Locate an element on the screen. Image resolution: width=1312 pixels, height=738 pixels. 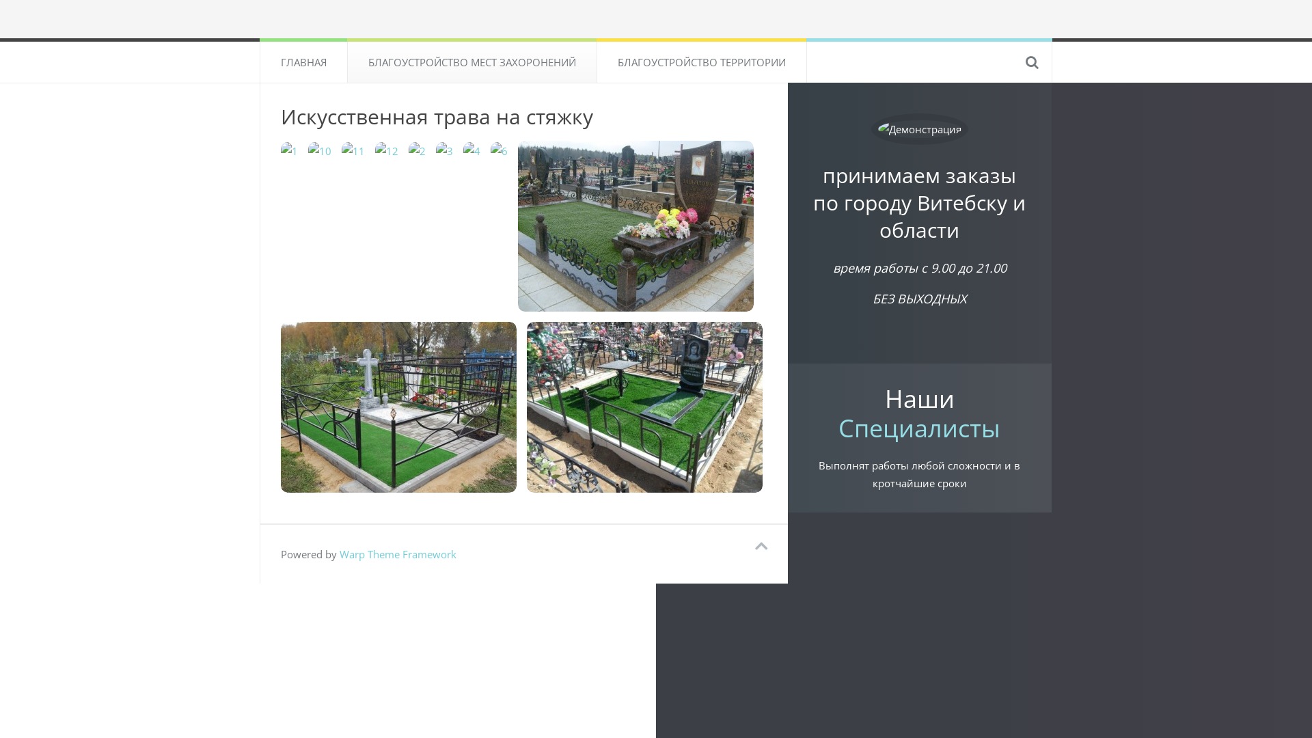
'11' is located at coordinates (353, 150).